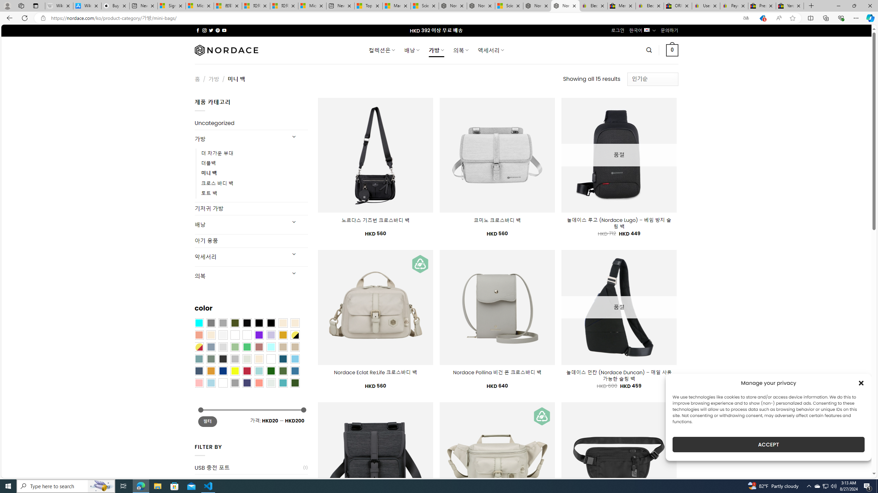 The width and height of the screenshot is (878, 493). Describe the element at coordinates (734, 5) in the screenshot. I see `'Payments Terms of Use | eBay.com'` at that location.